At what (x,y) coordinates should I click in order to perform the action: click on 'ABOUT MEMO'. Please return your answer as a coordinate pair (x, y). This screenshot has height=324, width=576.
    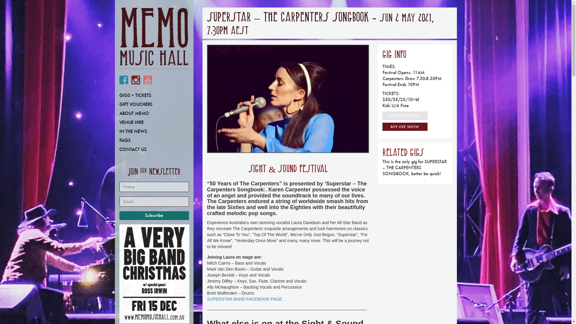
    Looking at the image, I should click on (115, 113).